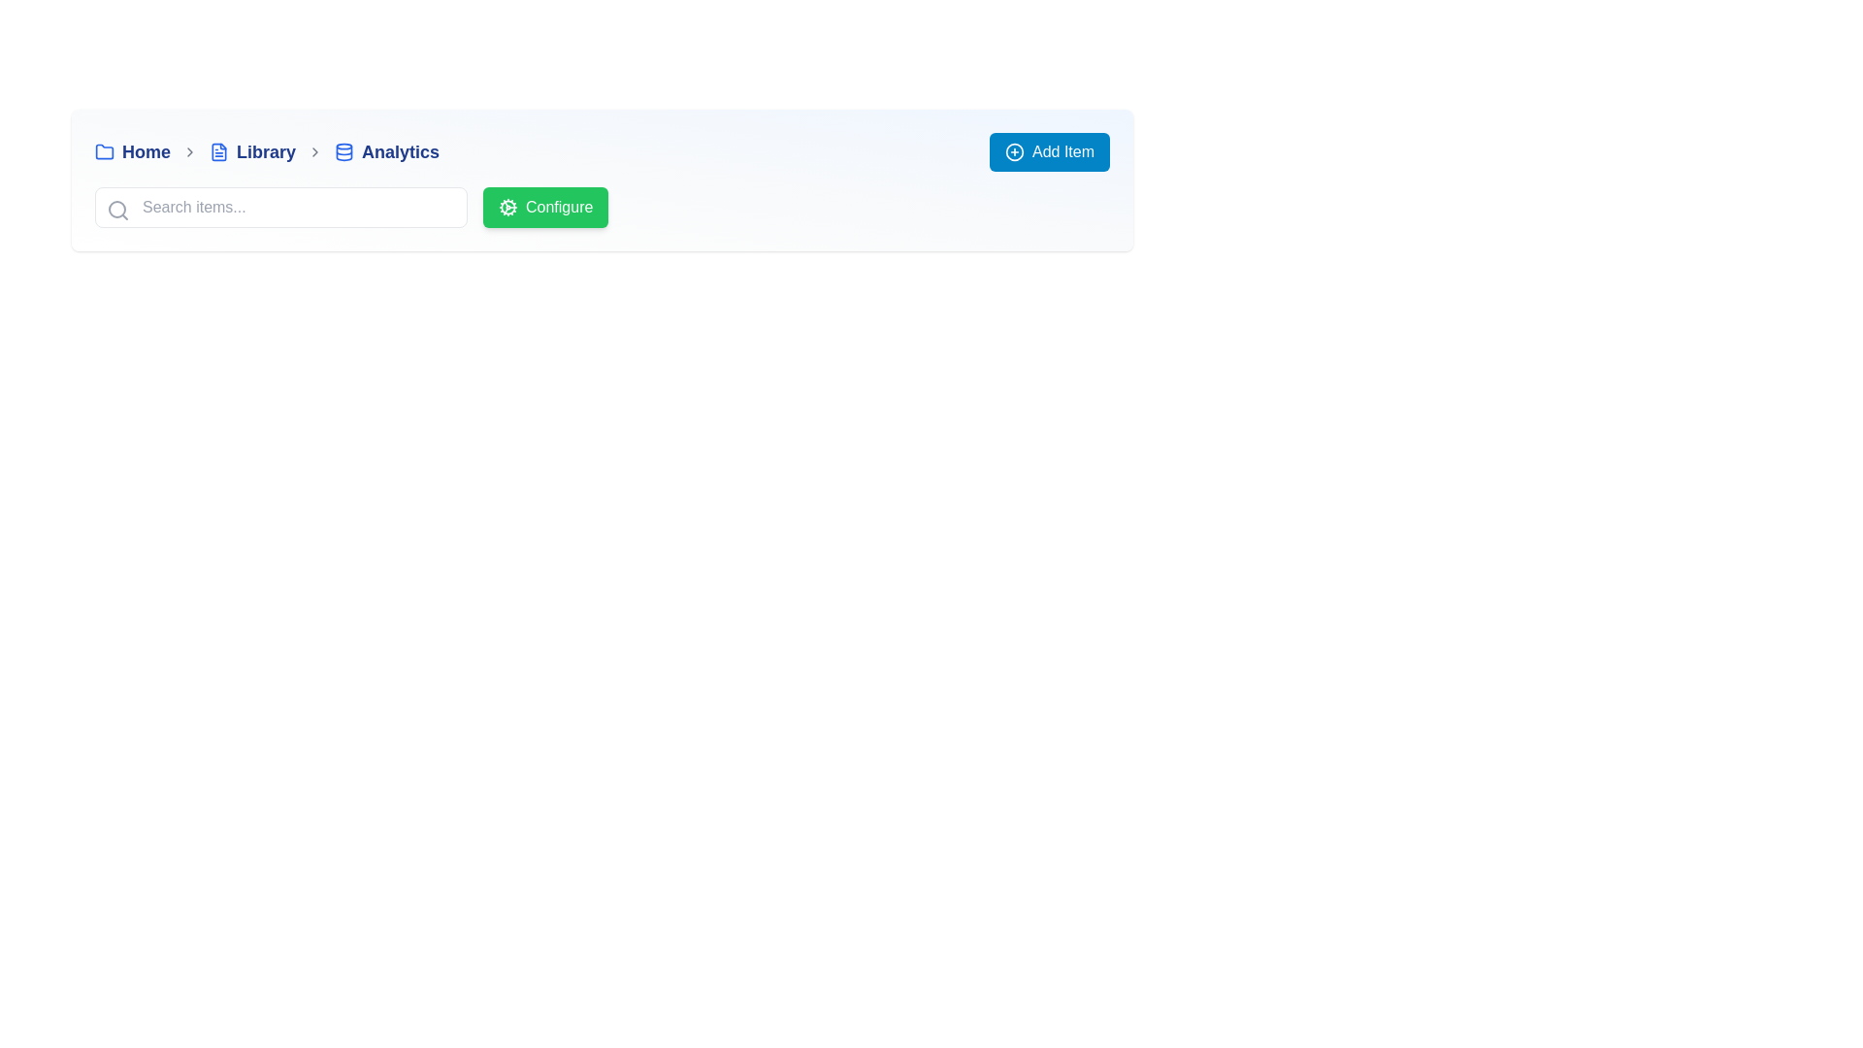  What do you see at coordinates (399, 151) in the screenshot?
I see `the 'Analytics' text label within the breadcrumb component` at bounding box center [399, 151].